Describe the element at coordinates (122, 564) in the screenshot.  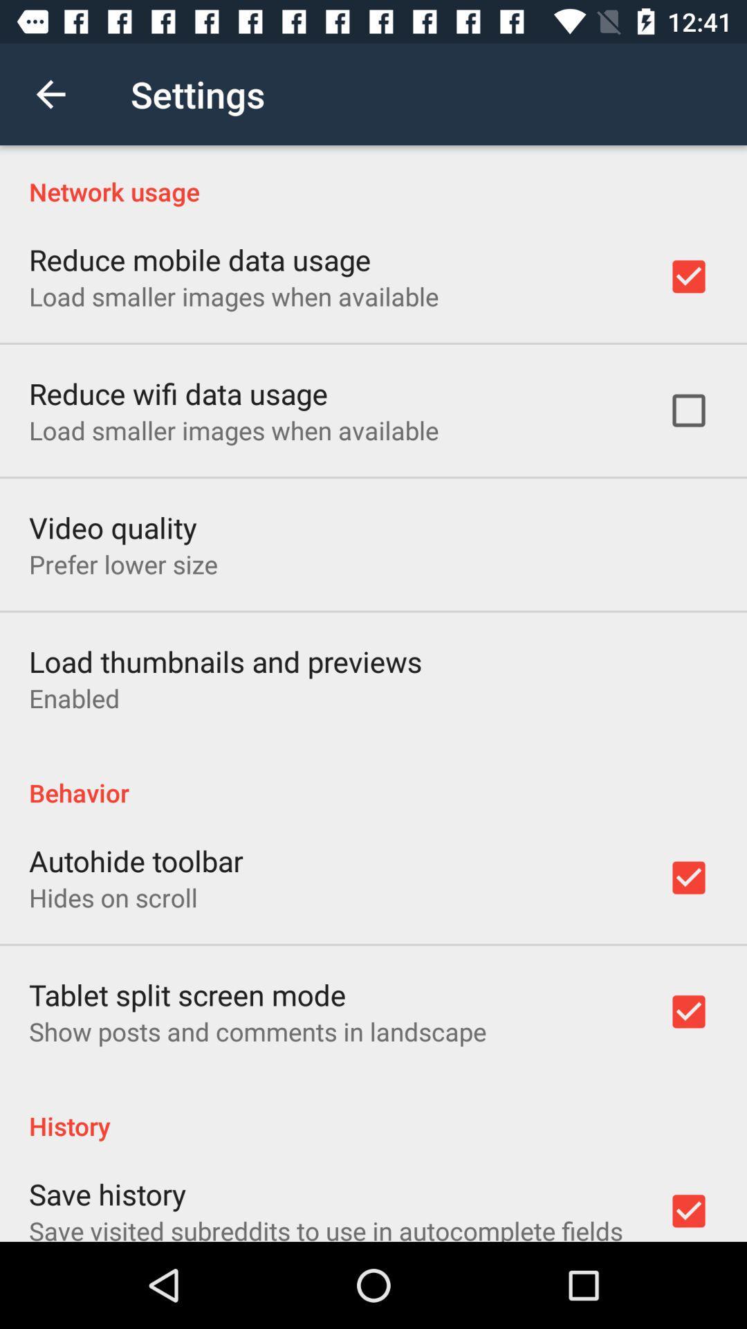
I see `the prefer lower size` at that location.